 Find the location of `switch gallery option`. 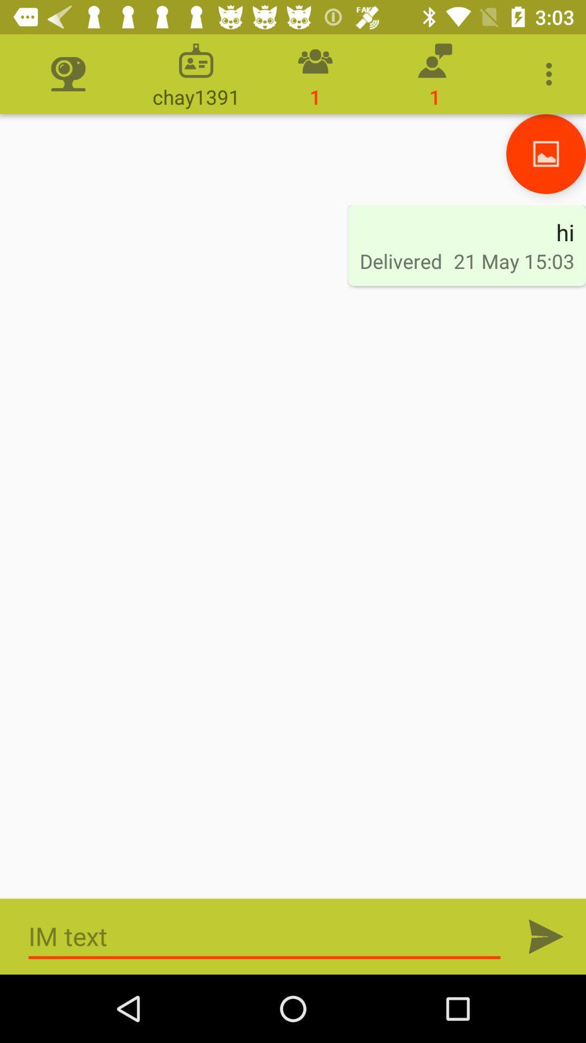

switch gallery option is located at coordinates (546, 153).